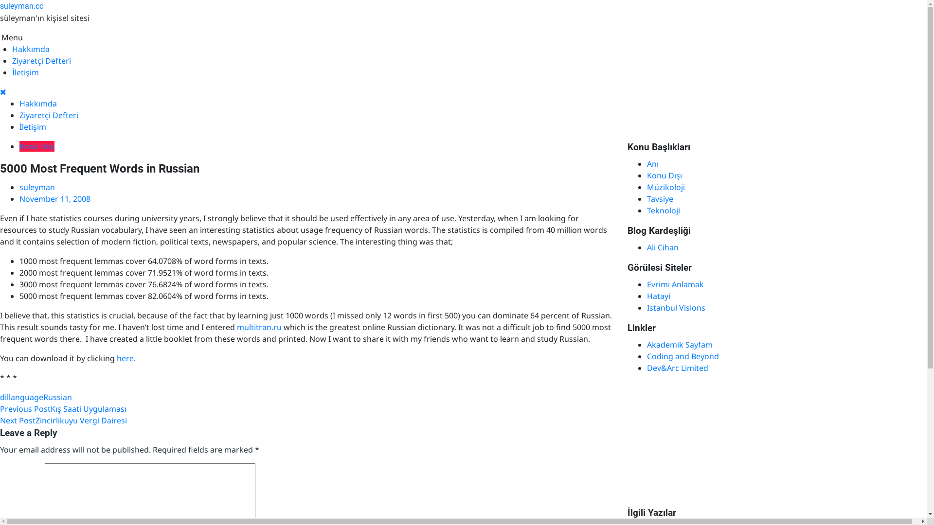  I want to click on 'multitran.ru', so click(259, 327).